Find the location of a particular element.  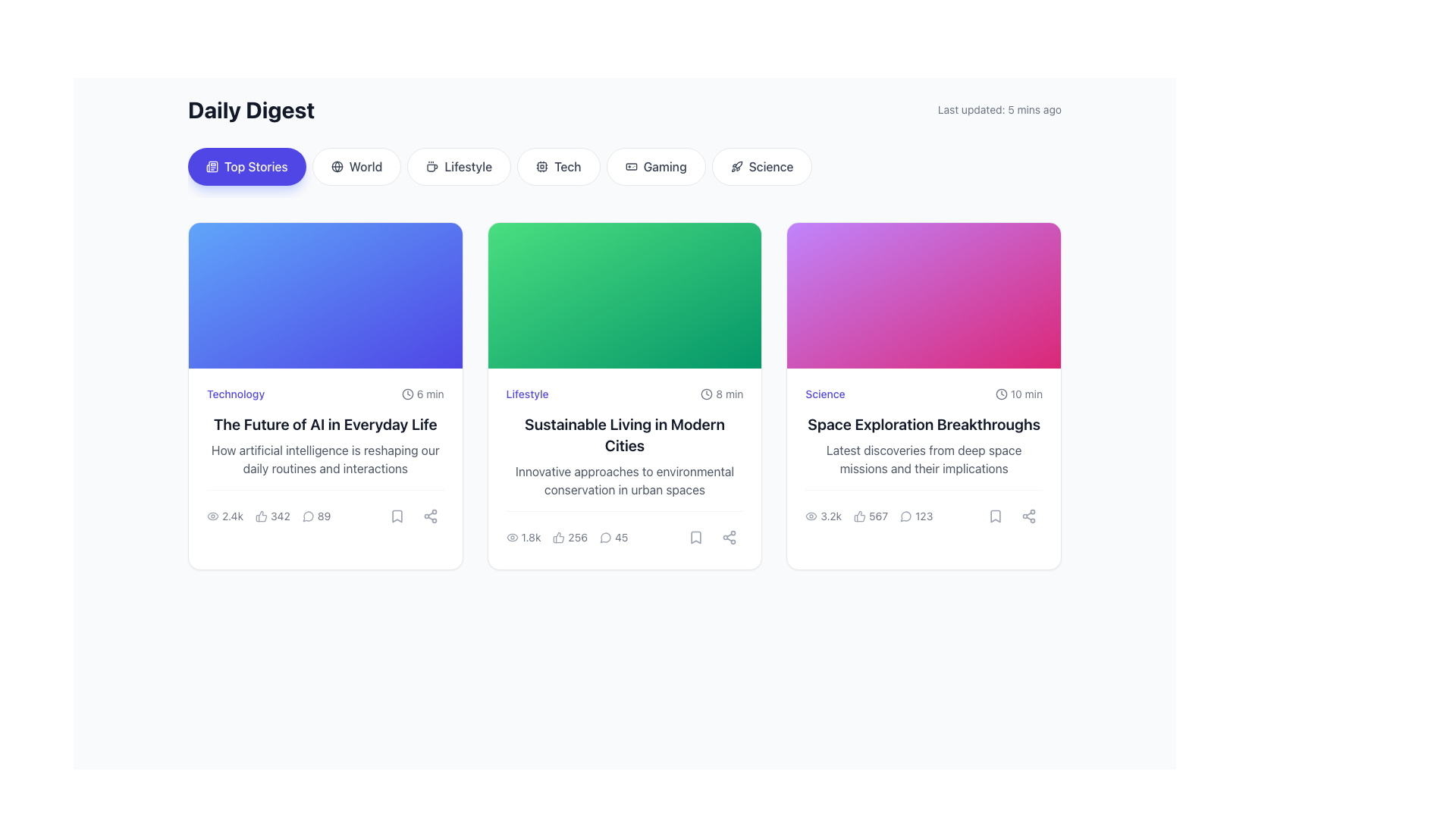

the text label representing the numerical count of likes or approvals, positioned within the second content card below its main text, to the right of a thumbs-up icon and to the left of a comment icon is located at coordinates (577, 537).